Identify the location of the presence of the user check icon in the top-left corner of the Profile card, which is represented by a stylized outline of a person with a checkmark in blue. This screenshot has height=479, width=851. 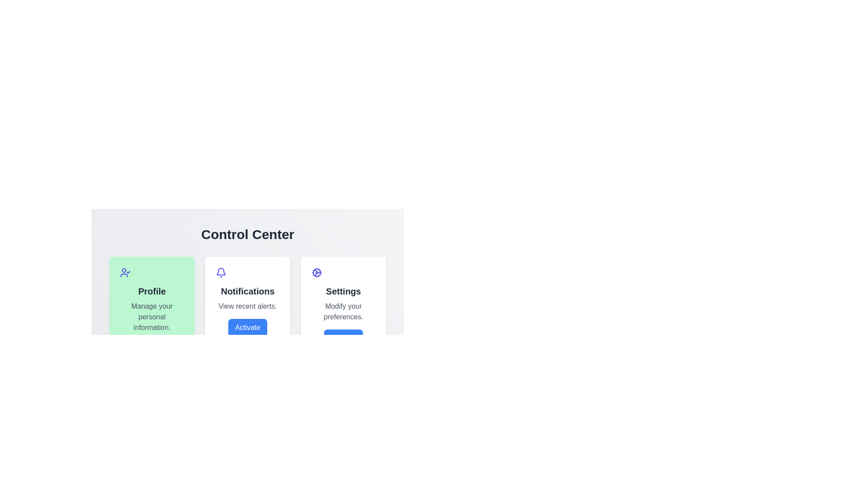
(125, 272).